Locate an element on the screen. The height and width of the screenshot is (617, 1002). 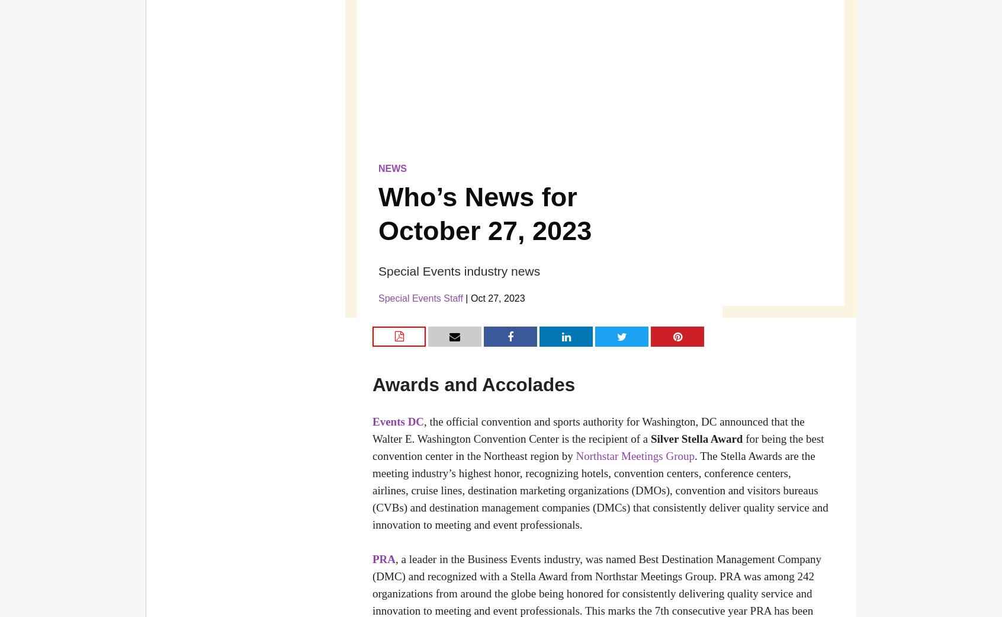
'PRA' is located at coordinates (384, 558).